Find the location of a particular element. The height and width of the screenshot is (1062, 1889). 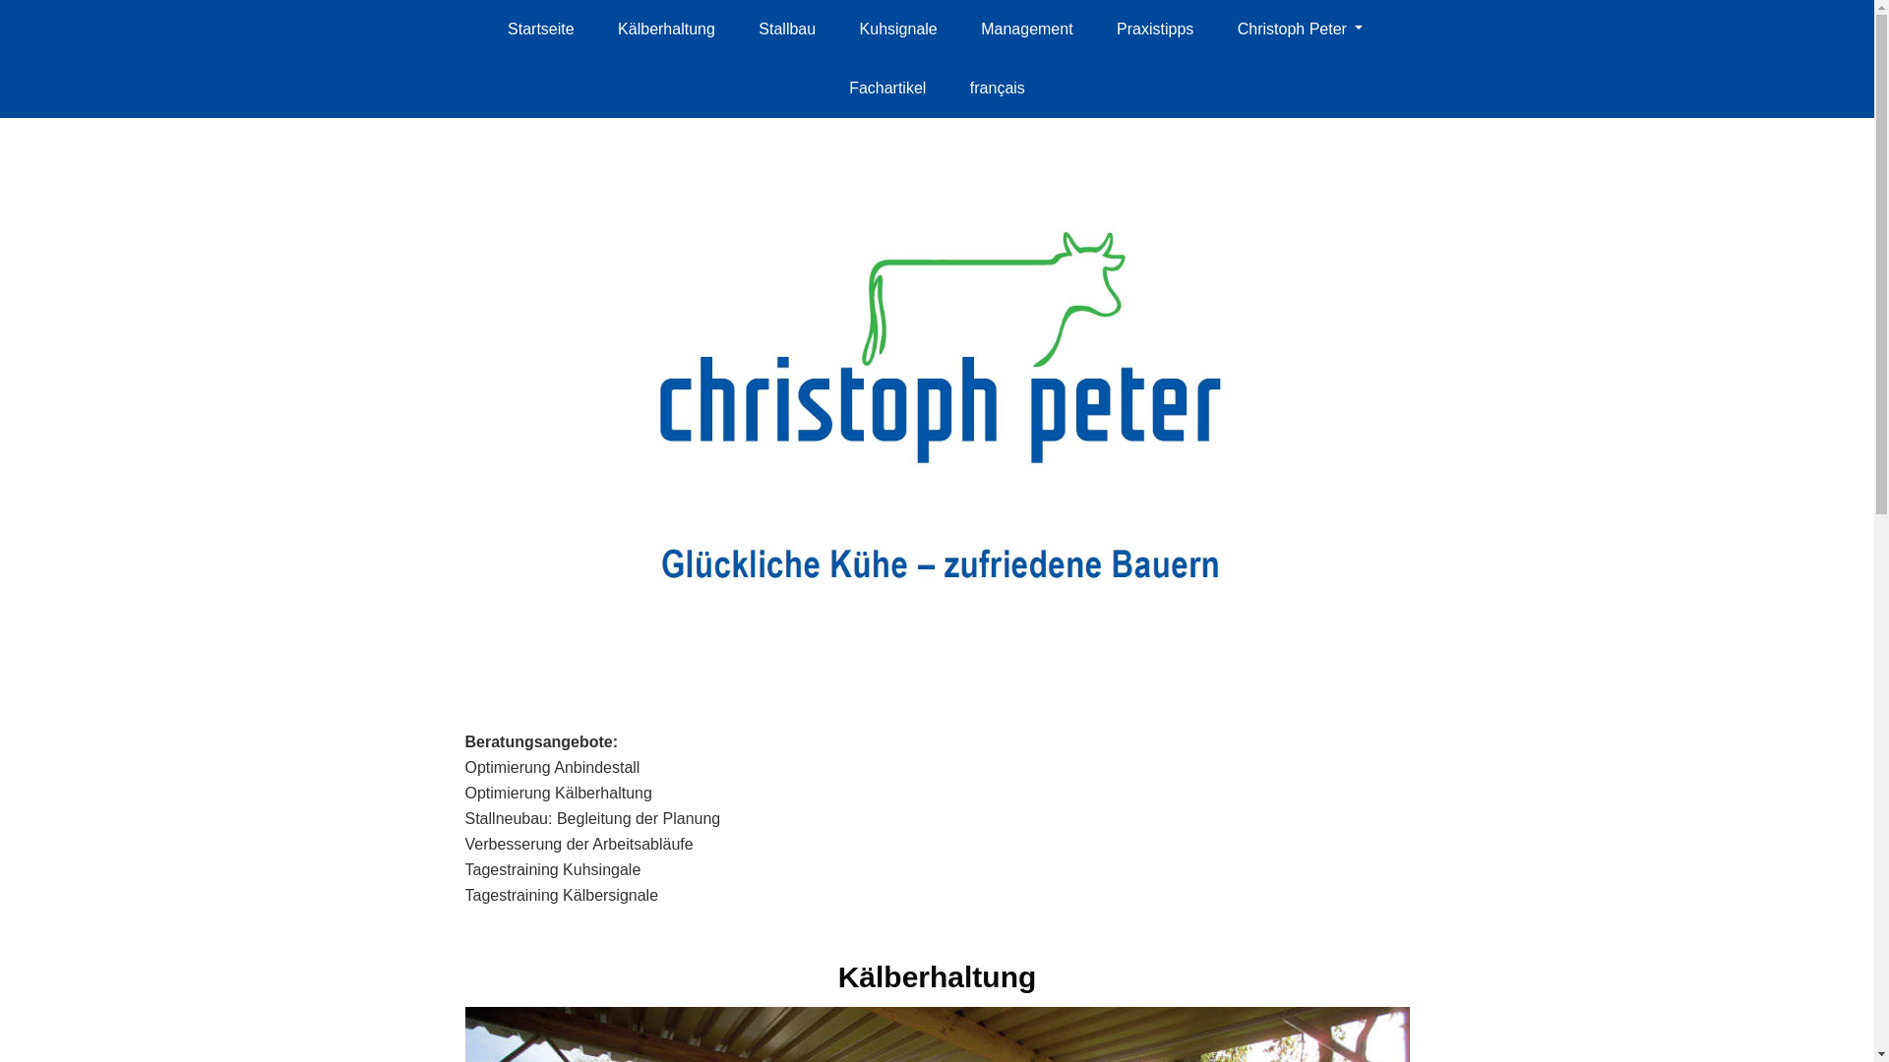

'Kuhsignale' is located at coordinates (897, 29).